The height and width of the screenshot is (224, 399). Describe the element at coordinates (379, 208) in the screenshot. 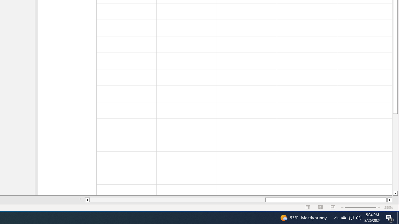

I see `'Zoom In'` at that location.